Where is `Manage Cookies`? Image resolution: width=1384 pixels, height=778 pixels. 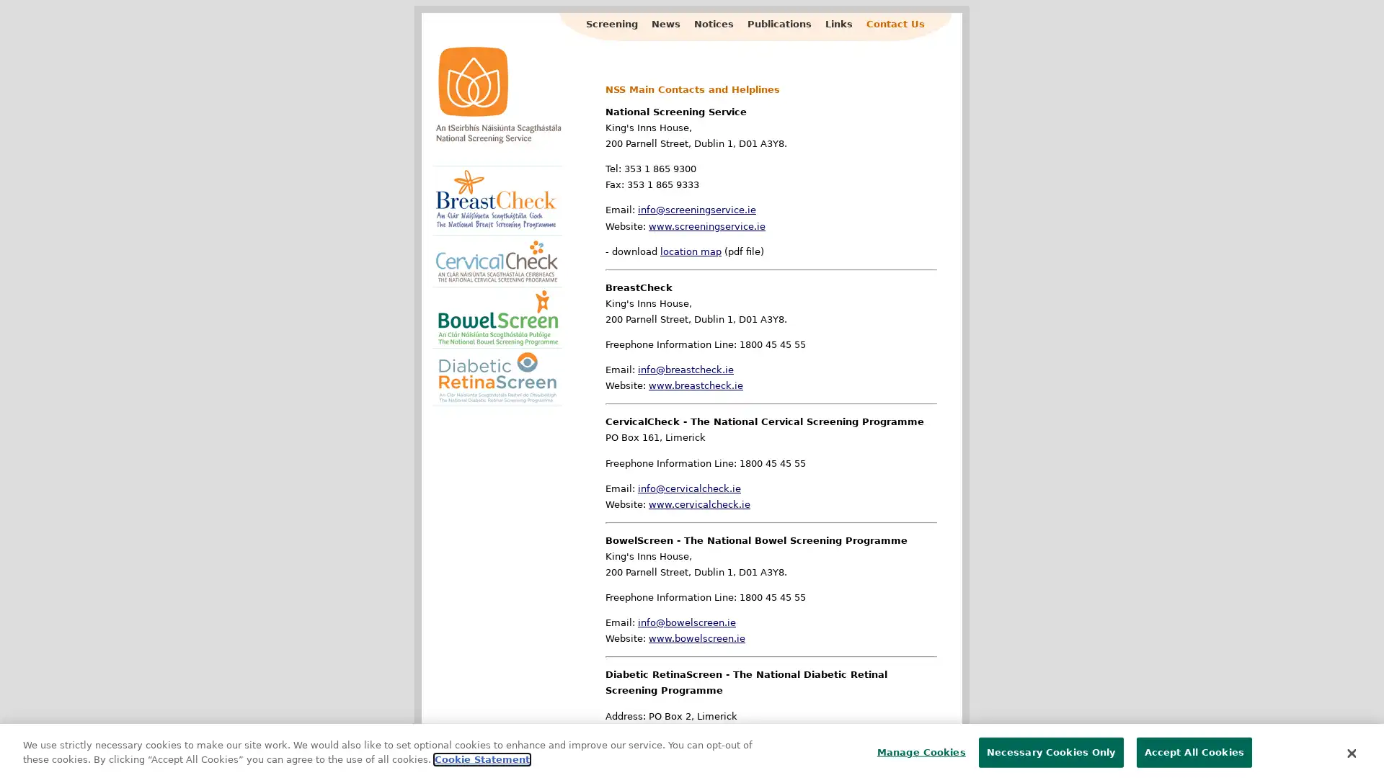 Manage Cookies is located at coordinates (916, 746).